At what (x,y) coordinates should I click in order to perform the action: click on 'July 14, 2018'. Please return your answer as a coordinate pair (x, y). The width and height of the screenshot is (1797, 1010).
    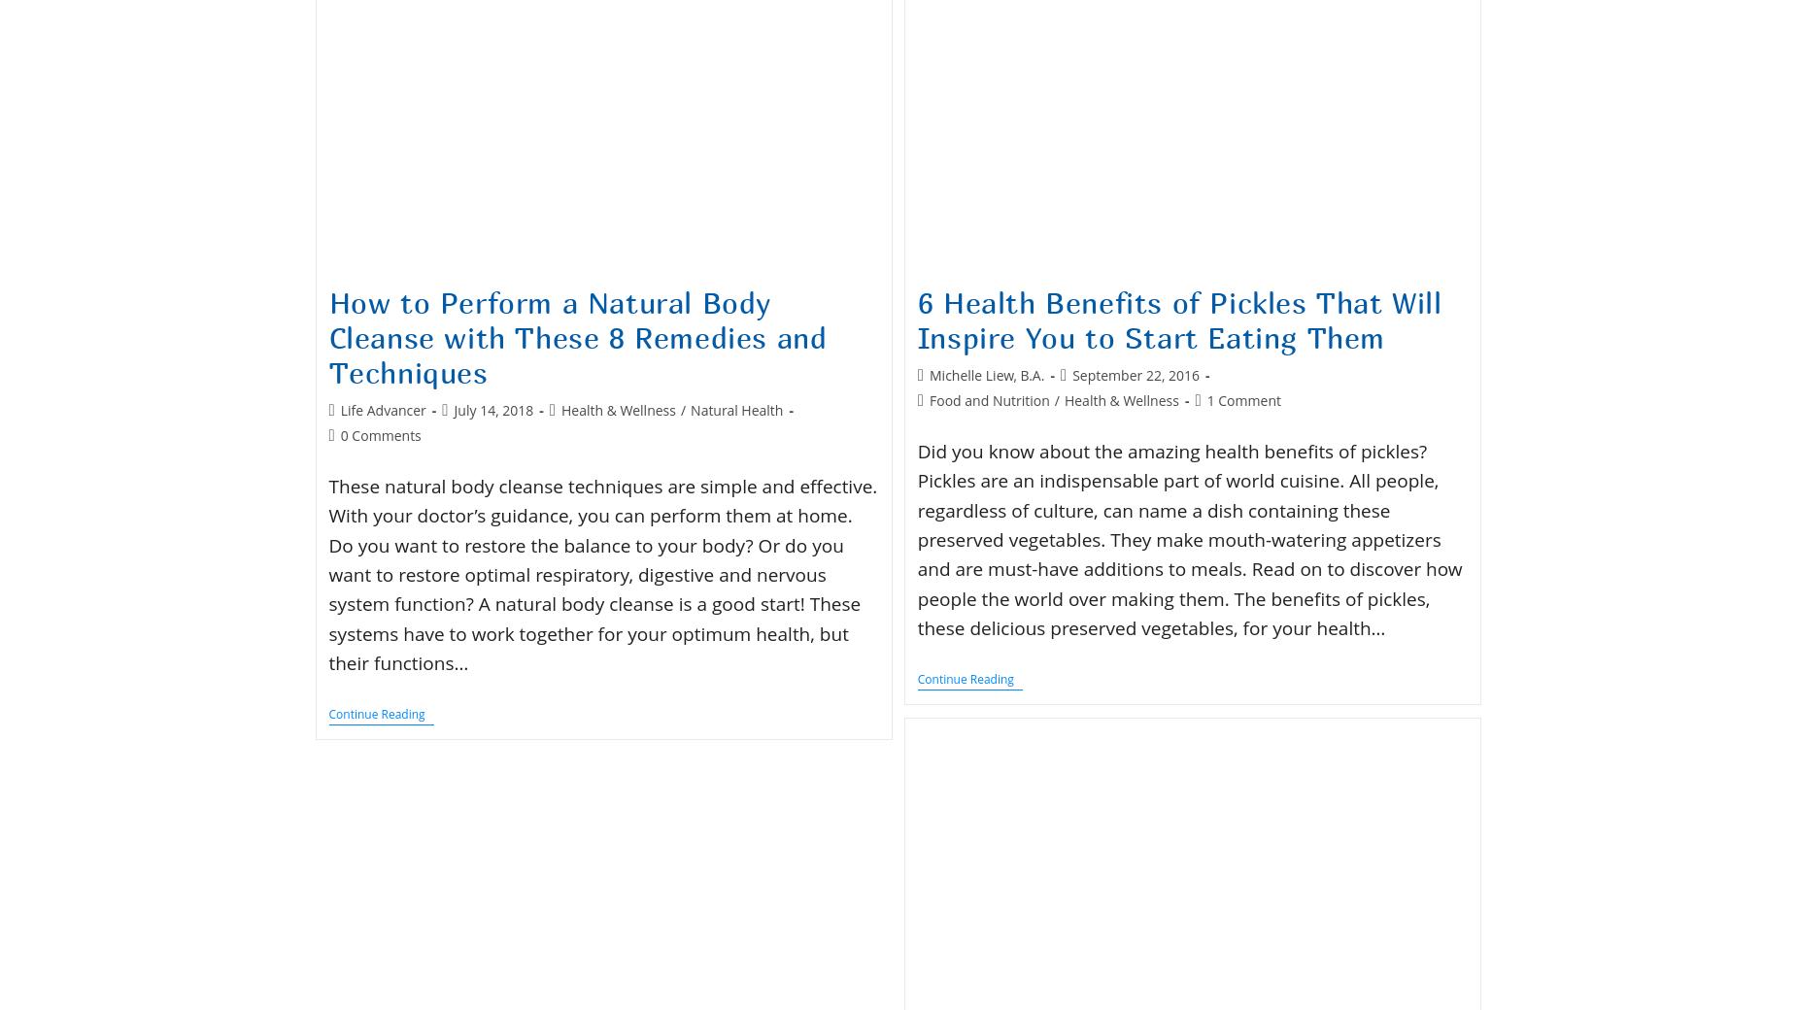
    Looking at the image, I should click on (493, 409).